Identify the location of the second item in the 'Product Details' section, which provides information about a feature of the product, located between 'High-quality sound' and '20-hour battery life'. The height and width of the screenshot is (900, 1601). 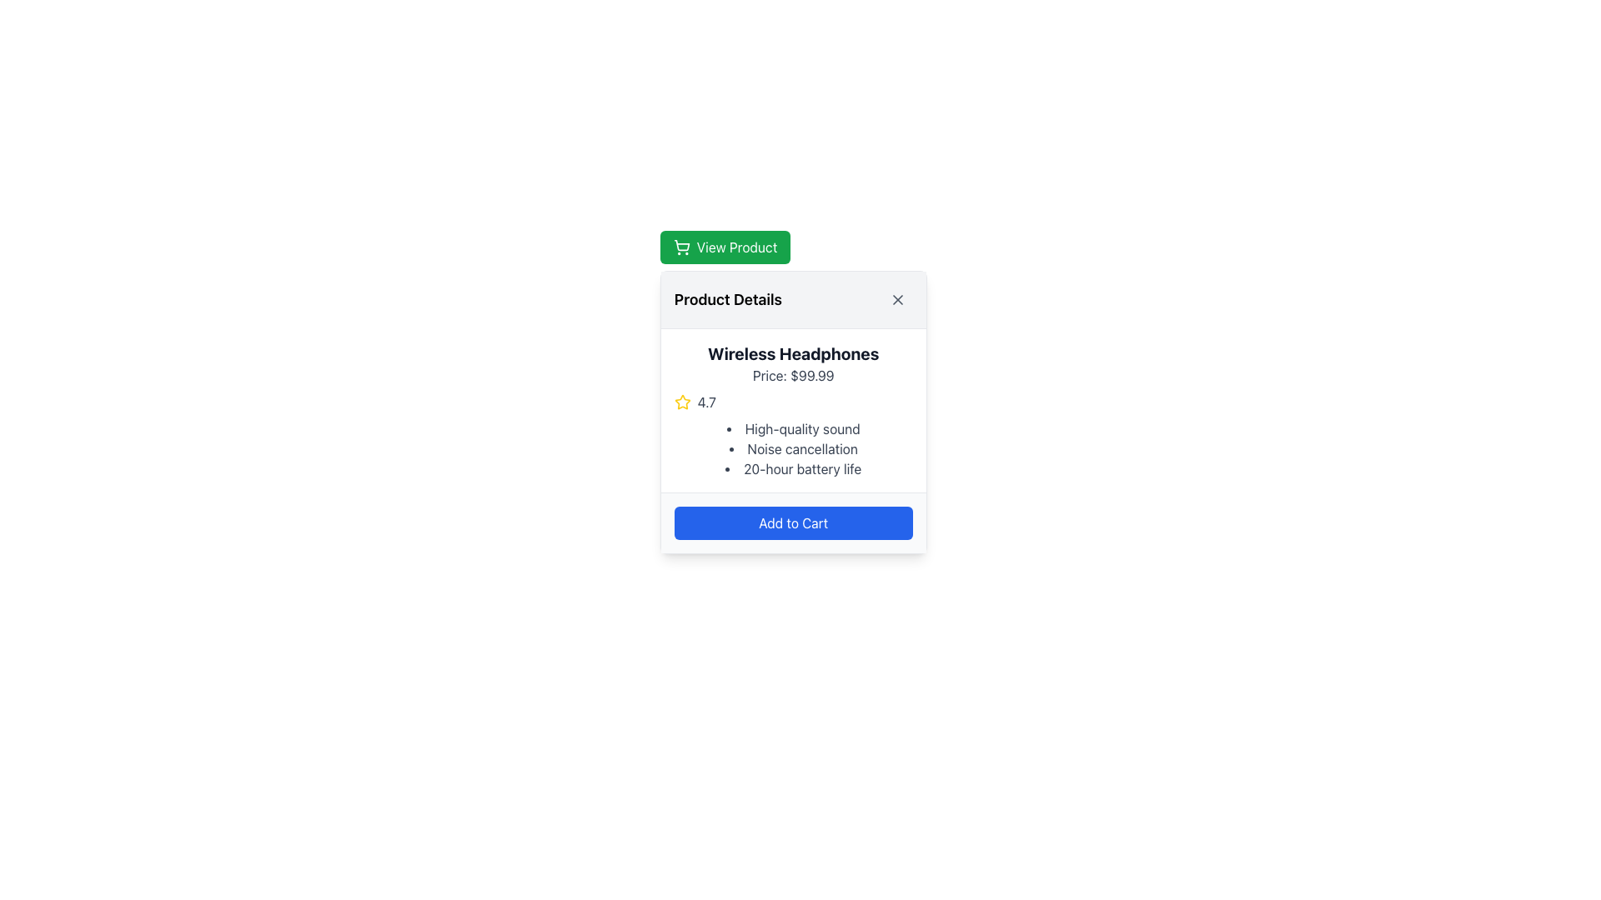
(792, 448).